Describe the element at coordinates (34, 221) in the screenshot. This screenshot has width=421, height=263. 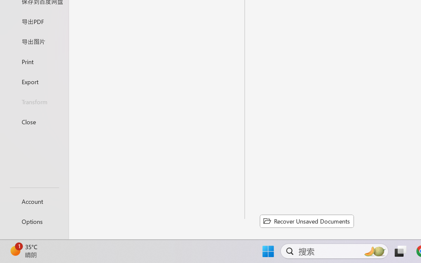
I see `'Options'` at that location.